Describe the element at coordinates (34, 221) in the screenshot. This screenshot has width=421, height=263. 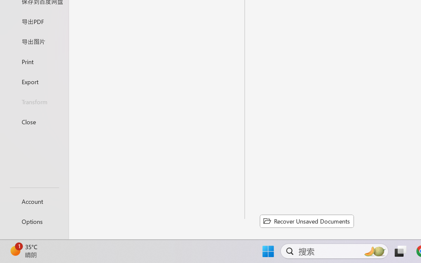
I see `'Options'` at that location.